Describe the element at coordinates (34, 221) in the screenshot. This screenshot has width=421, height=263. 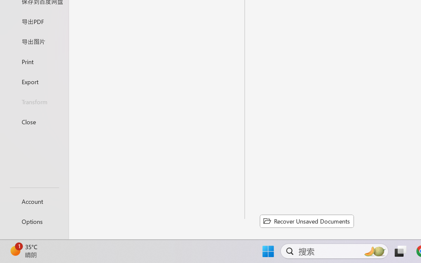
I see `'Options'` at that location.